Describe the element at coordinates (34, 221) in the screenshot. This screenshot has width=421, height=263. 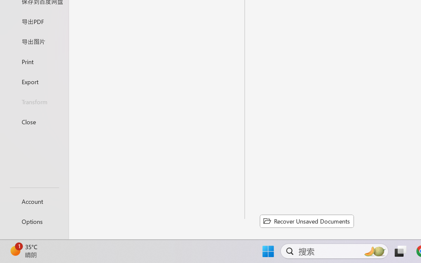
I see `'Options'` at that location.